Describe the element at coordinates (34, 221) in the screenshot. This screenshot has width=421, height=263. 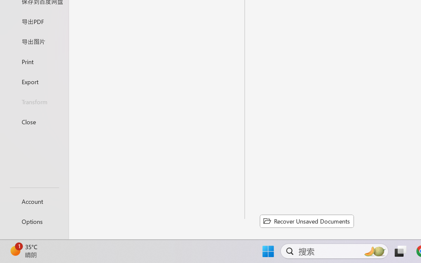
I see `'Options'` at that location.